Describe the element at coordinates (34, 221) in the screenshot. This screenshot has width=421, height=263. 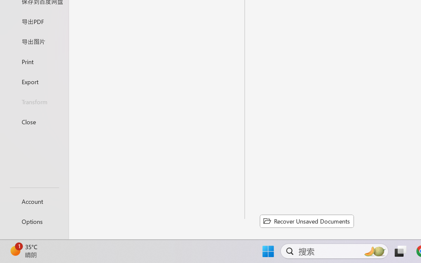
I see `'Options'` at that location.